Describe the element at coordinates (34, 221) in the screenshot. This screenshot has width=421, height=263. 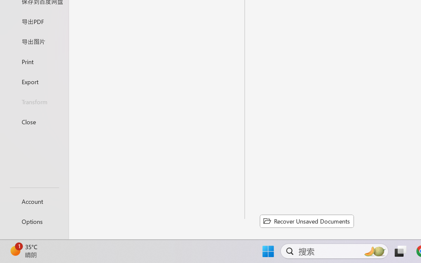
I see `'Options'` at that location.